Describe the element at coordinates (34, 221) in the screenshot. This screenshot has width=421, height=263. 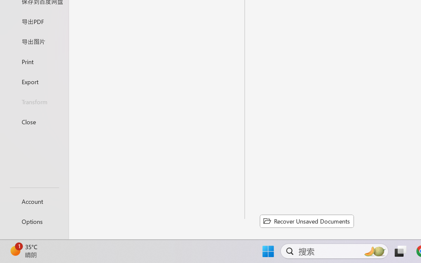
I see `'Options'` at that location.